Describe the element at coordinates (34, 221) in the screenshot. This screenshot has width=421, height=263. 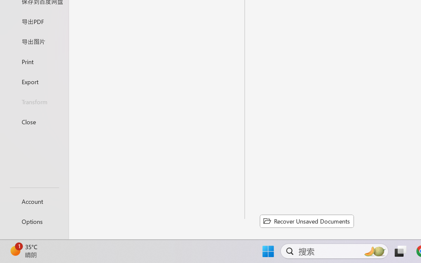
I see `'Options'` at that location.